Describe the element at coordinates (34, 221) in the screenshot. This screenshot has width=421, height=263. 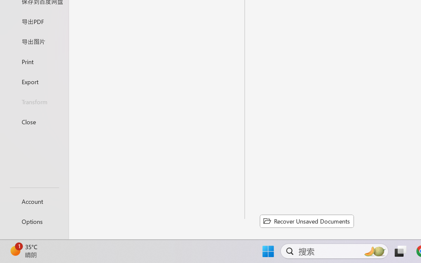
I see `'Options'` at that location.